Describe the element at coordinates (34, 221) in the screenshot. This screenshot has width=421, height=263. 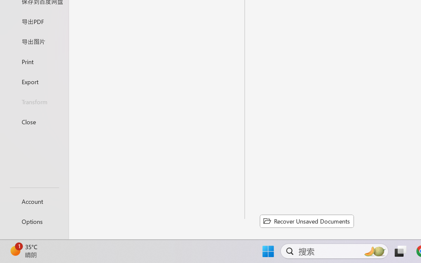
I see `'Options'` at that location.